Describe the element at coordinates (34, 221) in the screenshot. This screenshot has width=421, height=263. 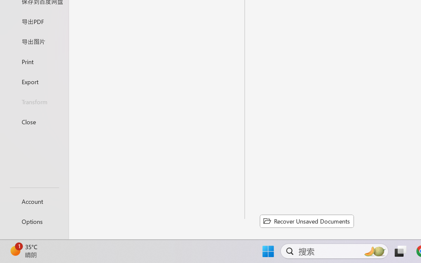
I see `'Options'` at that location.